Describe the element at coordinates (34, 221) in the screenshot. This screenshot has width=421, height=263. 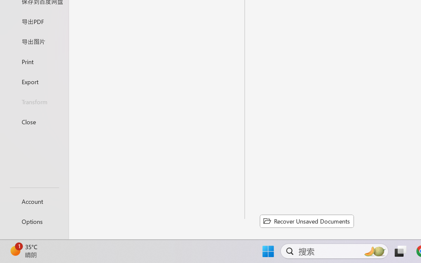
I see `'Options'` at that location.